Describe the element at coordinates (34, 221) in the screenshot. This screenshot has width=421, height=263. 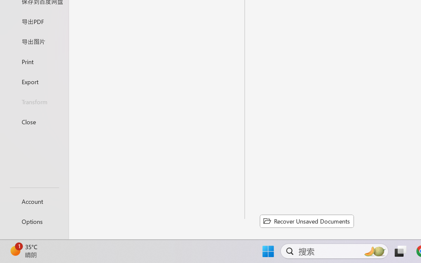
I see `'Options'` at that location.